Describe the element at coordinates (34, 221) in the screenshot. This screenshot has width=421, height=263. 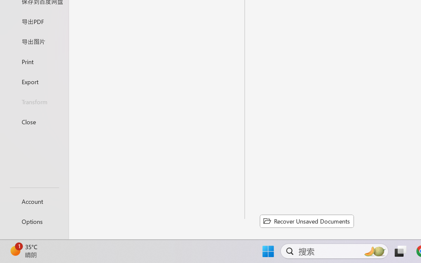
I see `'Options'` at that location.